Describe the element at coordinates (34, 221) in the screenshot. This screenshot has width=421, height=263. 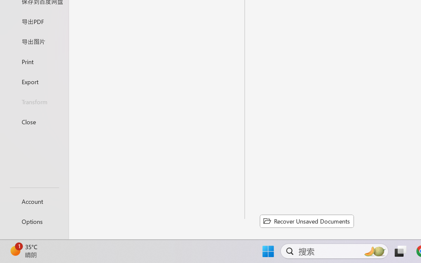
I see `'Options'` at that location.